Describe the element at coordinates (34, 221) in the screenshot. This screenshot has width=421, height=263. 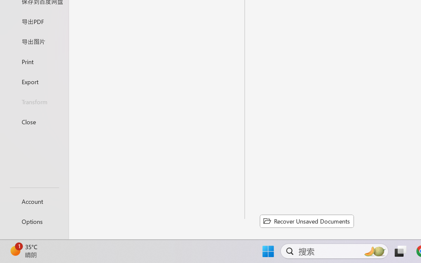
I see `'Options'` at that location.